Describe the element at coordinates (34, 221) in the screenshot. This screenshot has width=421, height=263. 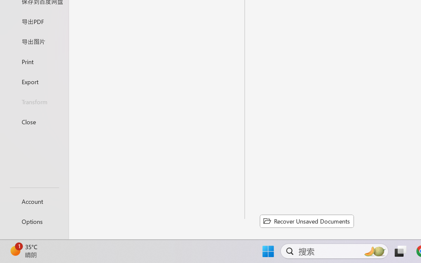
I see `'Options'` at that location.